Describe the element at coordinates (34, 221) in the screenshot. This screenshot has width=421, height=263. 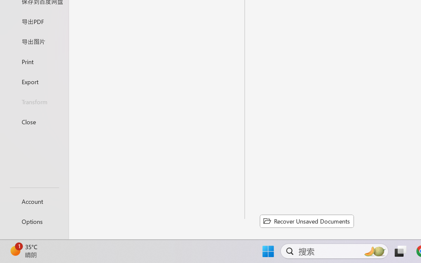
I see `'Options'` at that location.